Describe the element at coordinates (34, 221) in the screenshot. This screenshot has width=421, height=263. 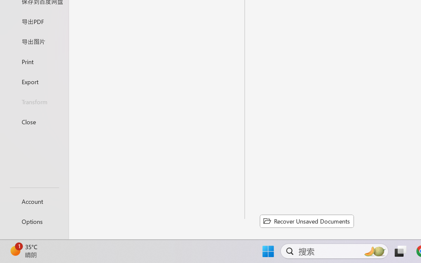
I see `'Options'` at that location.